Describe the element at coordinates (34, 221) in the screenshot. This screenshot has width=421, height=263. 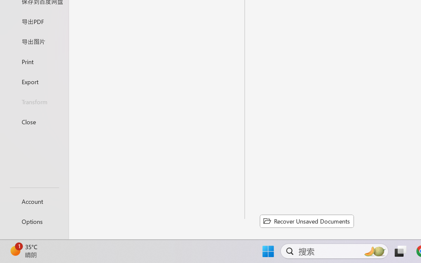
I see `'Options'` at that location.